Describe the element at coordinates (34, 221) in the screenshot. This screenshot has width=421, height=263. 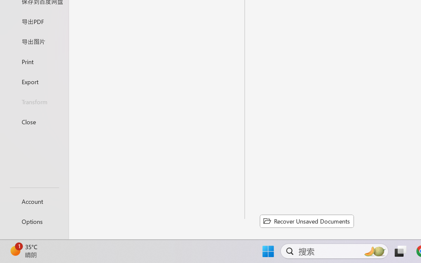
I see `'Options'` at that location.